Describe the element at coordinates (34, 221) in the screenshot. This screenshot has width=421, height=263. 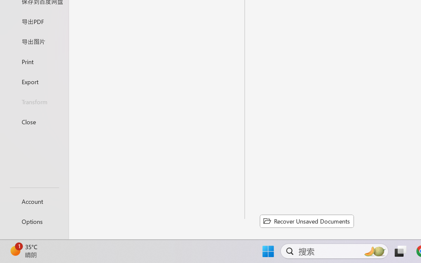
I see `'Options'` at that location.